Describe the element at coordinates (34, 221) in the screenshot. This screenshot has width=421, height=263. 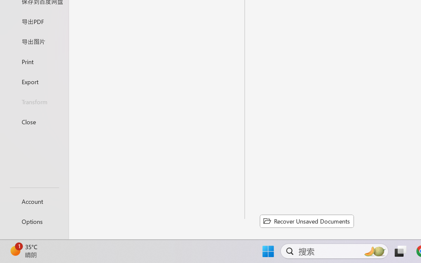
I see `'Options'` at that location.